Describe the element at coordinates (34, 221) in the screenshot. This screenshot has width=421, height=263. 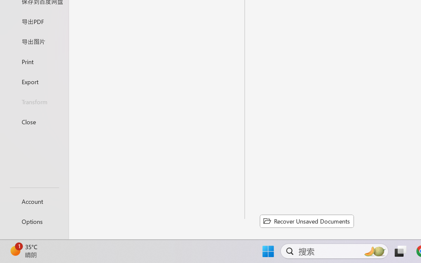
I see `'Options'` at that location.